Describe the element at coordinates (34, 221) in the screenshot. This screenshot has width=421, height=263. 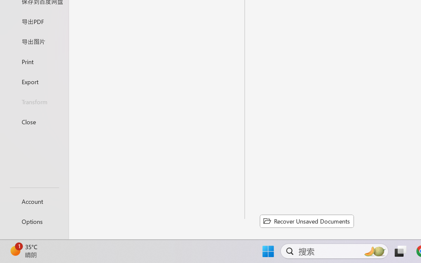
I see `'Options'` at that location.